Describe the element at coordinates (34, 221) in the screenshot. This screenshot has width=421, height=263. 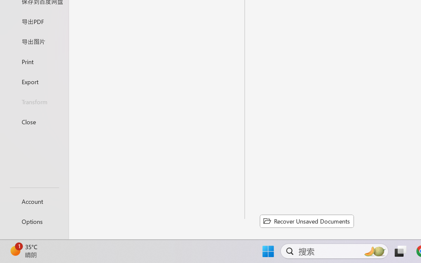
I see `'Options'` at that location.